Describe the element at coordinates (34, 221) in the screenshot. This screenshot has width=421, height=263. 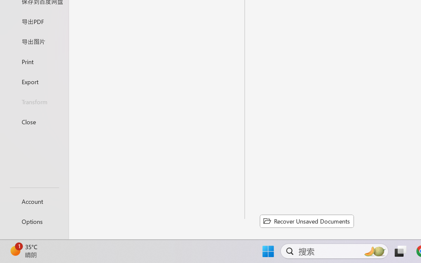
I see `'Options'` at that location.